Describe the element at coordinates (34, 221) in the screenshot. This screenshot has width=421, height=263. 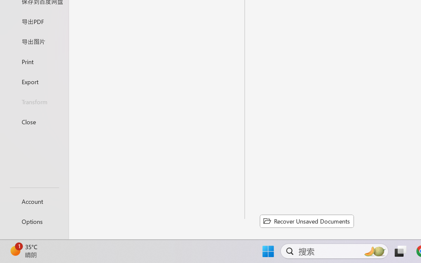
I see `'Options'` at that location.